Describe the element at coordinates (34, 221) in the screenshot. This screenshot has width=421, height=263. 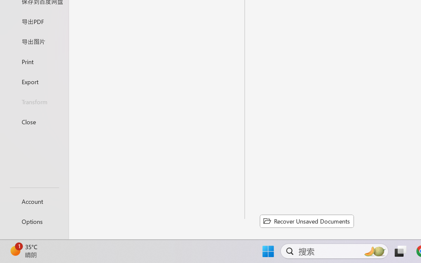
I see `'Options'` at that location.